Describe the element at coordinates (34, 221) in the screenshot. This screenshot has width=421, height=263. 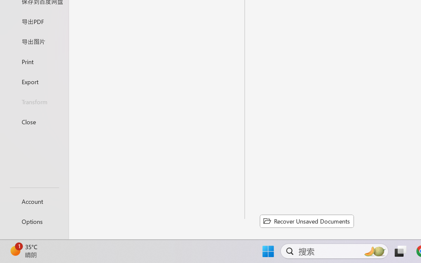
I see `'Options'` at that location.